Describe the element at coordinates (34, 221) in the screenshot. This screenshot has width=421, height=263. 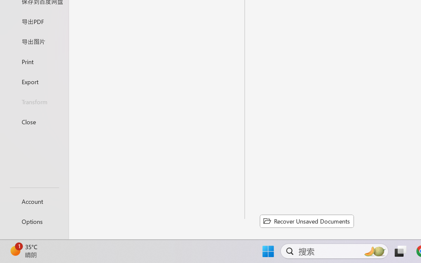
I see `'Options'` at that location.